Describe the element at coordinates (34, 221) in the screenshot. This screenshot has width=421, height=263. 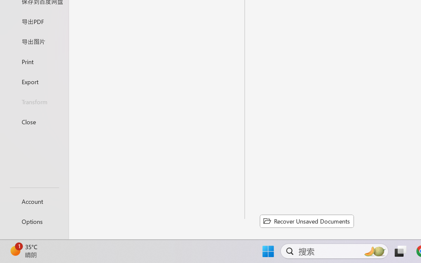
I see `'Options'` at that location.